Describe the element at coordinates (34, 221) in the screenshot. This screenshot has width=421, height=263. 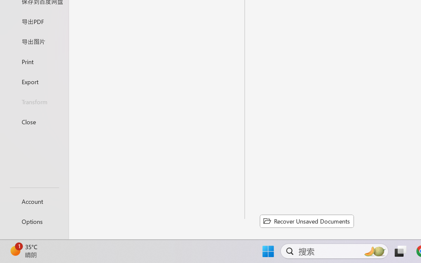
I see `'Options'` at that location.